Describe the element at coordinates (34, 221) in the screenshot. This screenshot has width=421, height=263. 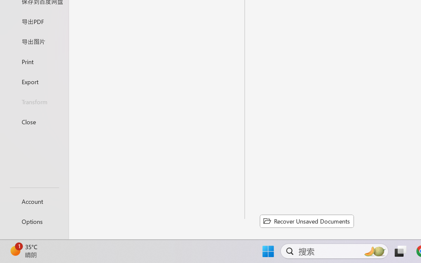
I see `'Options'` at that location.